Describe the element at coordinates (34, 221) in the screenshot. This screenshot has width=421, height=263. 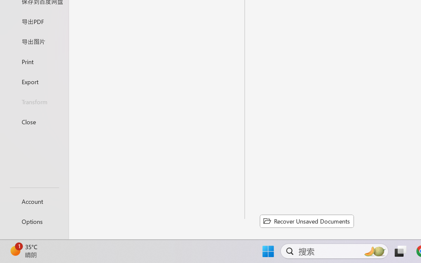
I see `'Options'` at that location.